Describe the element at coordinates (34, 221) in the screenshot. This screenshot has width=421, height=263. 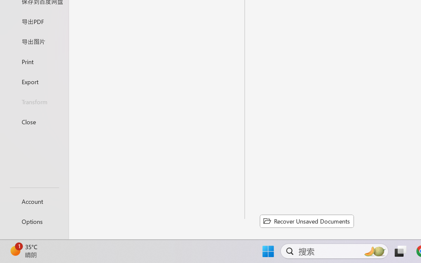
I see `'Options'` at that location.